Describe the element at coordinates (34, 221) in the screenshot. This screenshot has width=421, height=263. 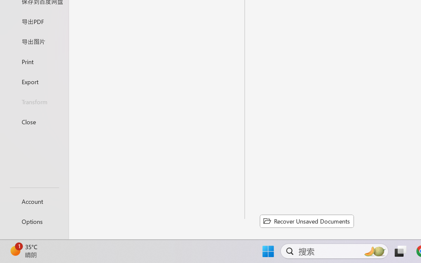
I see `'Options'` at that location.